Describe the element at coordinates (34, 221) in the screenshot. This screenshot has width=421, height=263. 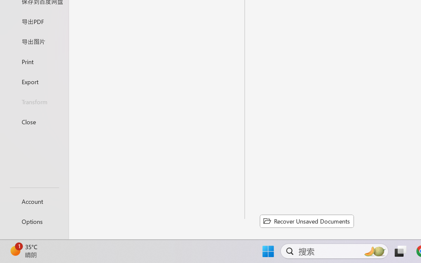
I see `'Options'` at that location.